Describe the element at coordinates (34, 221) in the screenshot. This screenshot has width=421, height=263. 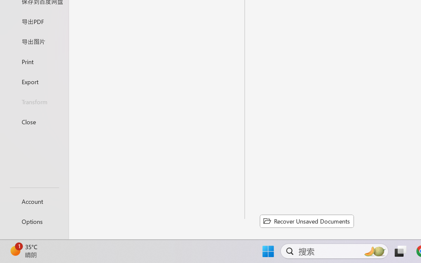
I see `'Options'` at that location.